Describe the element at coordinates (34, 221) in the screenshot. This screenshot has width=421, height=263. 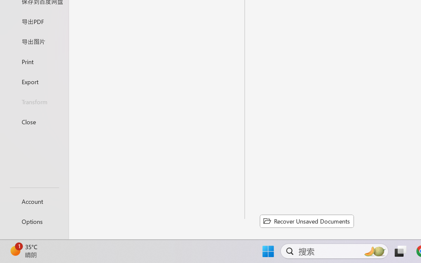
I see `'Options'` at that location.